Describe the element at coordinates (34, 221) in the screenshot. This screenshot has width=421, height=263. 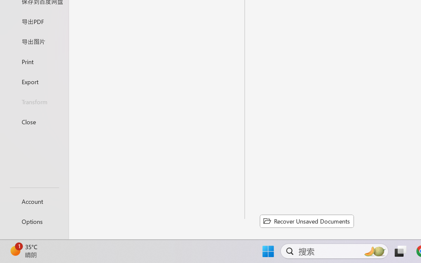
I see `'Options'` at that location.